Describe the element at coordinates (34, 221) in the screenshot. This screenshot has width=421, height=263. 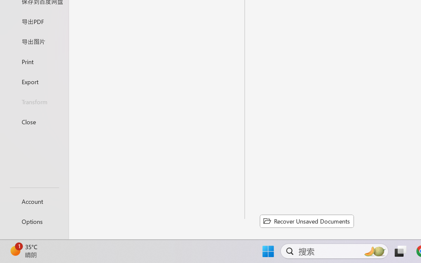
I see `'Options'` at that location.